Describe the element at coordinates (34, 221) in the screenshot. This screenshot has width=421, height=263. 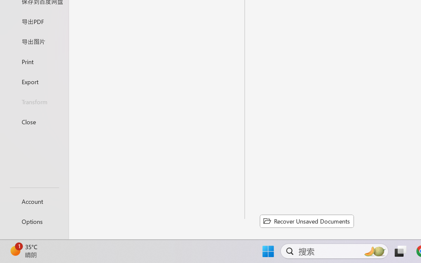
I see `'Options'` at that location.